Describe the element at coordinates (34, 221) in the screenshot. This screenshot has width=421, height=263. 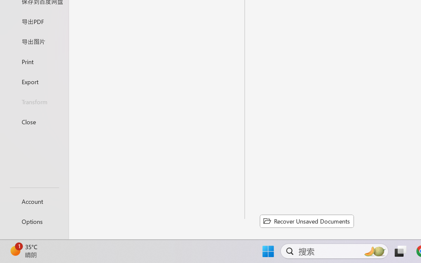
I see `'Options'` at that location.